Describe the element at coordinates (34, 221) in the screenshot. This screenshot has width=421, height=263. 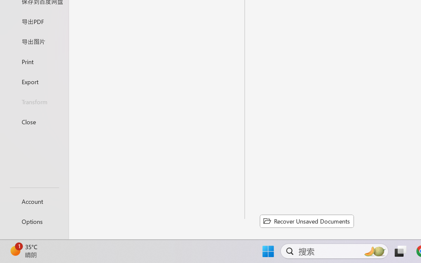
I see `'Options'` at that location.